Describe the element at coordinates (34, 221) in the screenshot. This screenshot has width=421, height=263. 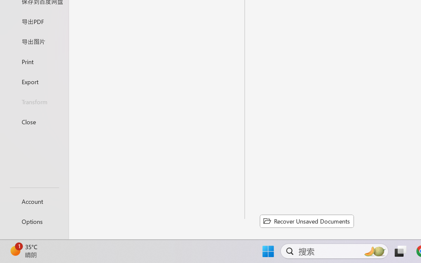
I see `'Options'` at that location.